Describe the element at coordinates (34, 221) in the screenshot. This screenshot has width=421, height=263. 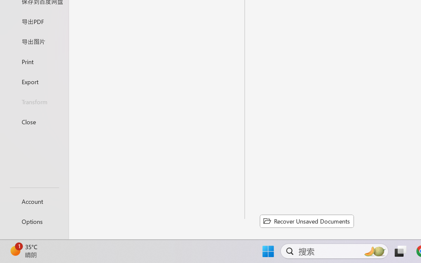
I see `'Options'` at that location.